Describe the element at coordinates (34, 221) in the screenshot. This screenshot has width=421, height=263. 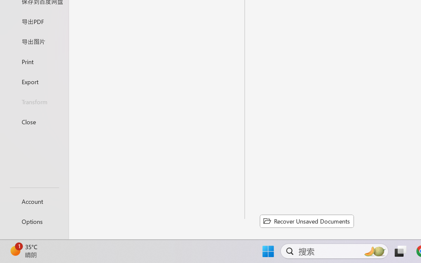
I see `'Options'` at that location.